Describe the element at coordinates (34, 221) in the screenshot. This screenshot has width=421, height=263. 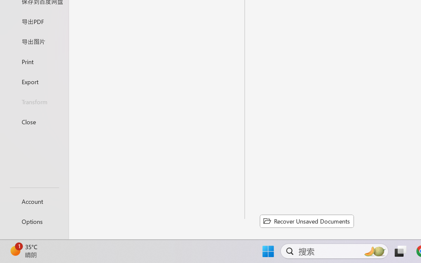
I see `'Options'` at that location.